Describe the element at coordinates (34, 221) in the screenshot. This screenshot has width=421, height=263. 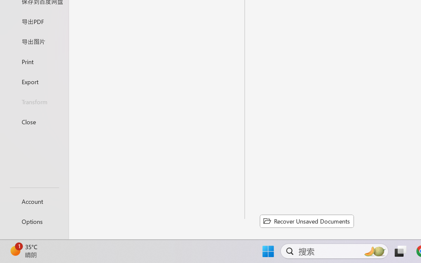
I see `'Options'` at that location.